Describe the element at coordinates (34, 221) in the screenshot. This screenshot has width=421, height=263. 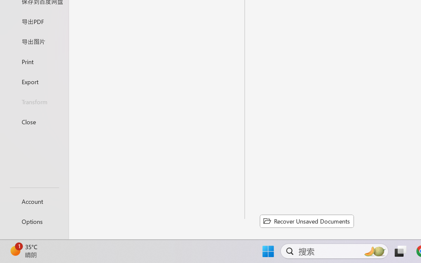
I see `'Options'` at that location.